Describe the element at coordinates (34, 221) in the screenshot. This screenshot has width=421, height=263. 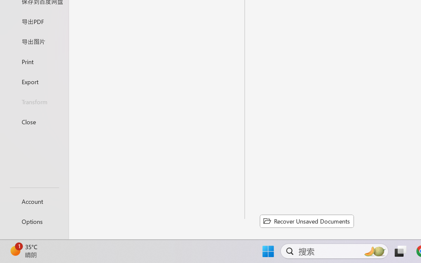
I see `'Options'` at that location.